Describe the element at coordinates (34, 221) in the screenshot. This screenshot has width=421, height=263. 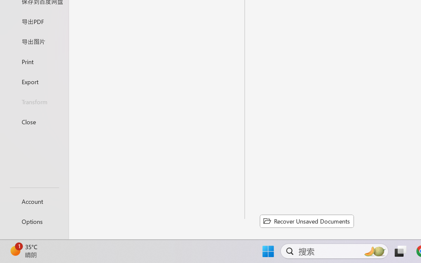
I see `'Options'` at that location.